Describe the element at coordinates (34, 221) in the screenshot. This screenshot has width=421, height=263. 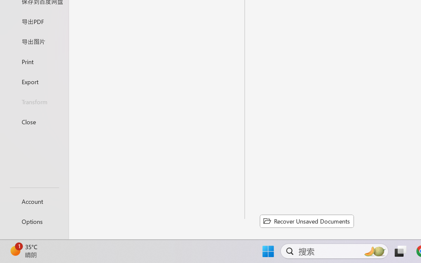
I see `'Options'` at that location.